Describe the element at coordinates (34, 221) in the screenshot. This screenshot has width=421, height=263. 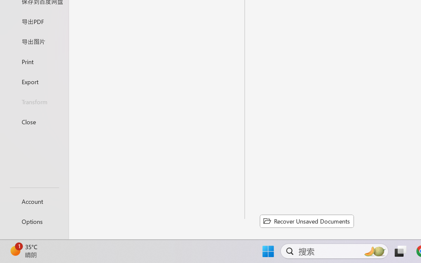
I see `'Options'` at that location.